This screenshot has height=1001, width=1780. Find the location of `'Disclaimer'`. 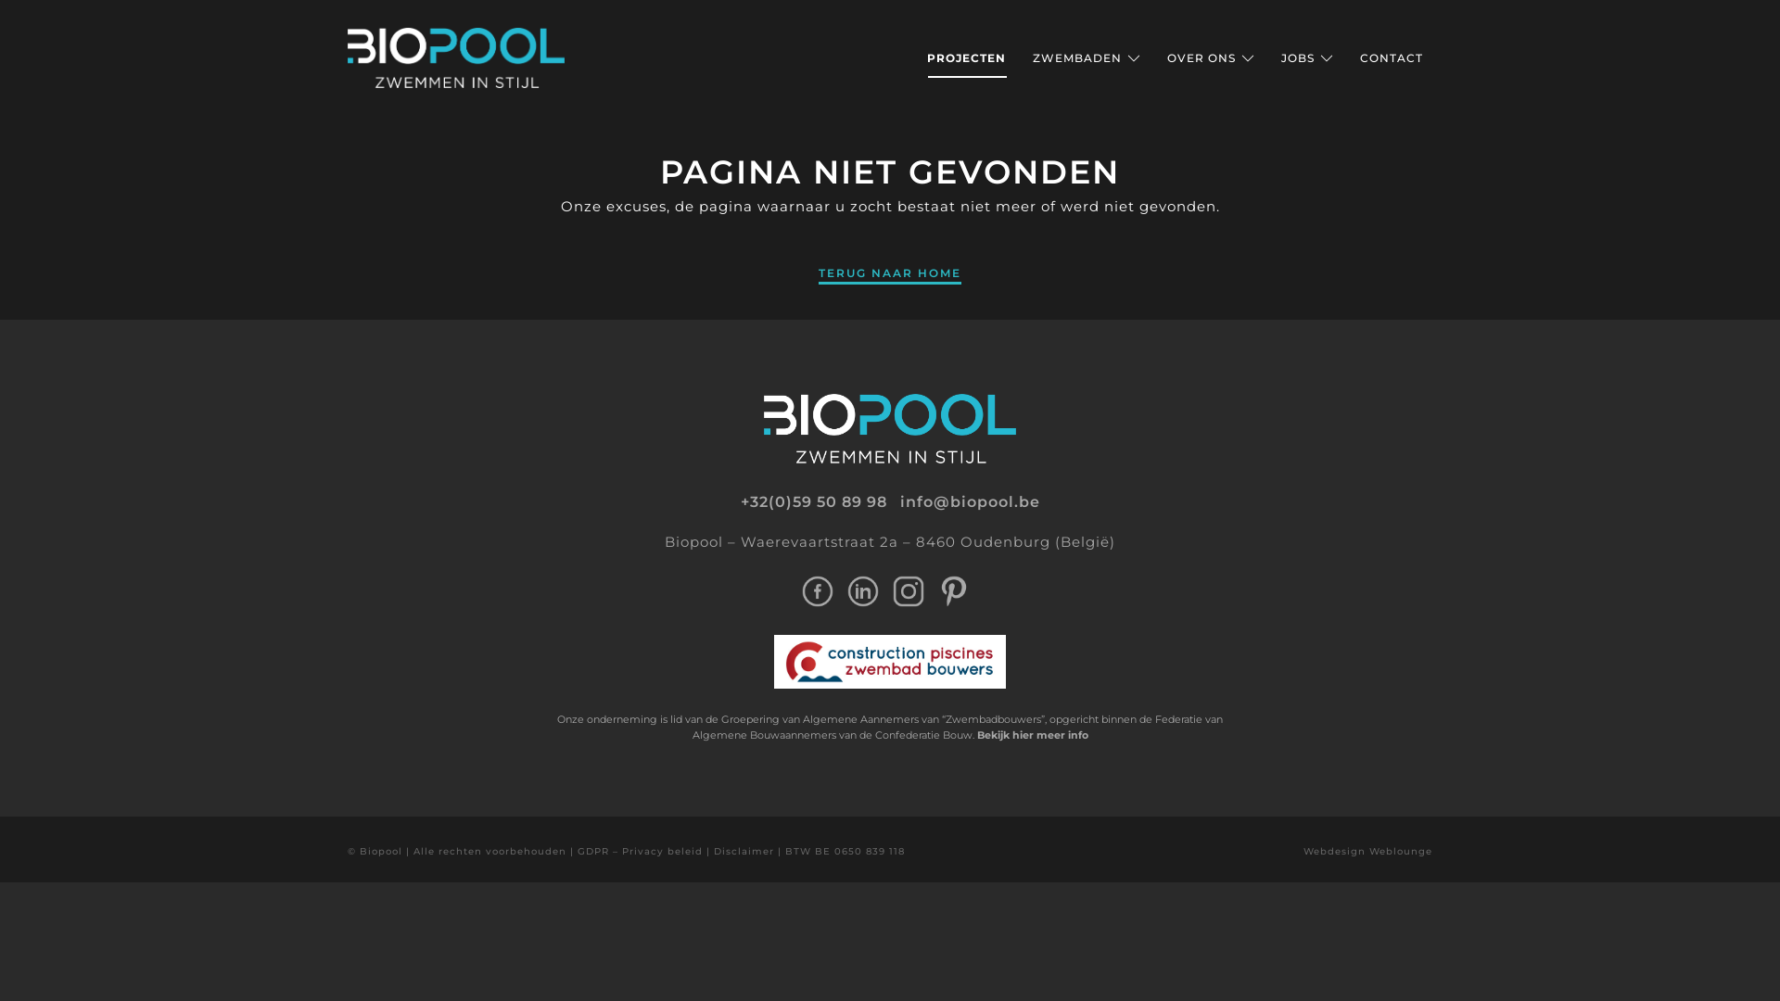

'Disclaimer' is located at coordinates (744, 851).